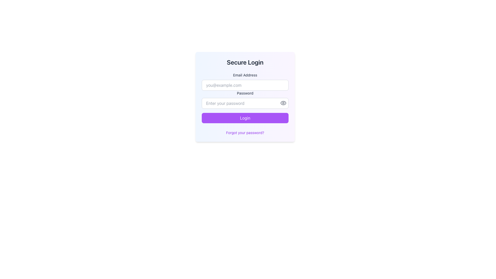 The image size is (496, 279). Describe the element at coordinates (283, 103) in the screenshot. I see `the eye icon component` at that location.